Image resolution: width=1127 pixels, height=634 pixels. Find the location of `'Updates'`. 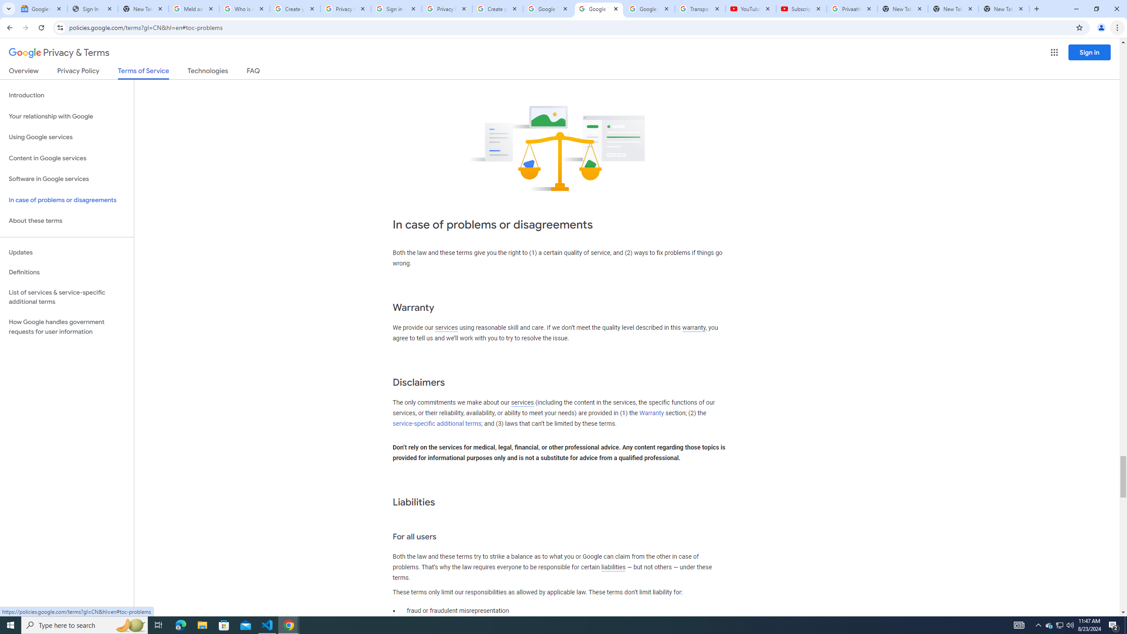

'Updates' is located at coordinates (66, 252).